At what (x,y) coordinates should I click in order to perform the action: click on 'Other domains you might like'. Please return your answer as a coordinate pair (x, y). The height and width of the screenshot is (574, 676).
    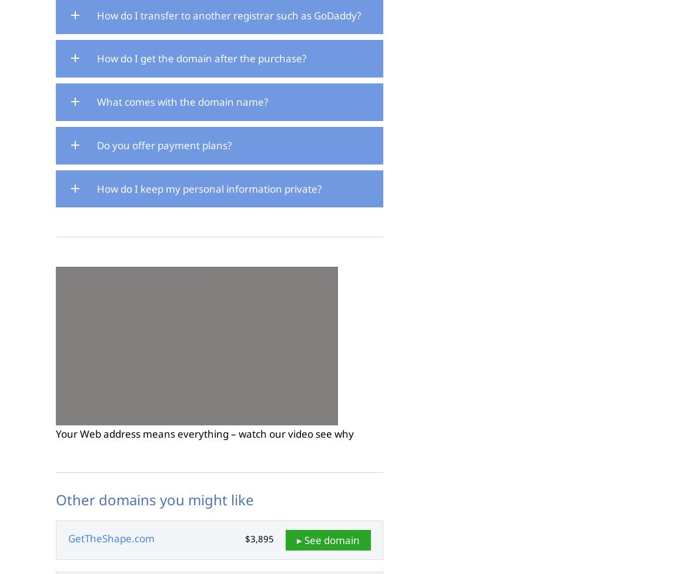
    Looking at the image, I should click on (154, 499).